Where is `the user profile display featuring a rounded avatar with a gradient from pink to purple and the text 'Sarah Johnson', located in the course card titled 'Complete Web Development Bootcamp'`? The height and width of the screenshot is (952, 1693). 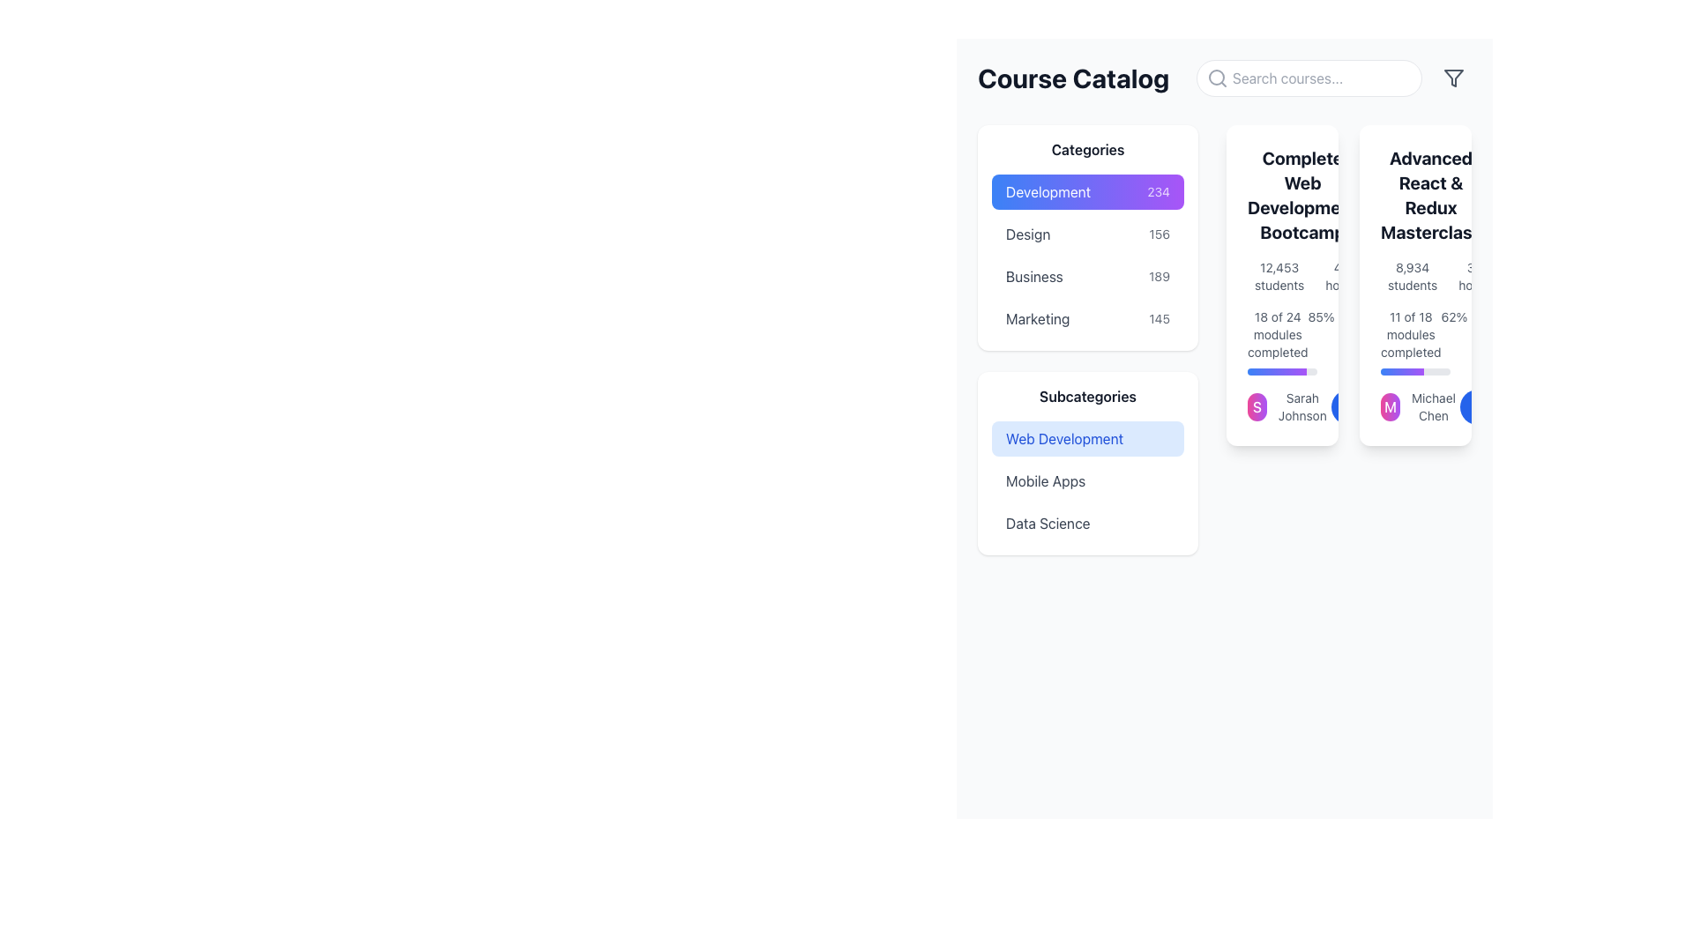
the user profile display featuring a rounded avatar with a gradient from pink to purple and the text 'Sarah Johnson', located in the course card titled 'Complete Web Development Bootcamp' is located at coordinates (1282, 407).